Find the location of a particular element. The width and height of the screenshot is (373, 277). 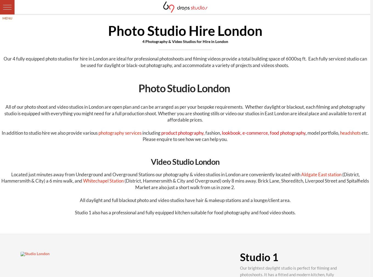

'4 Photography & Video Studios for Hire in London' is located at coordinates (185, 41).